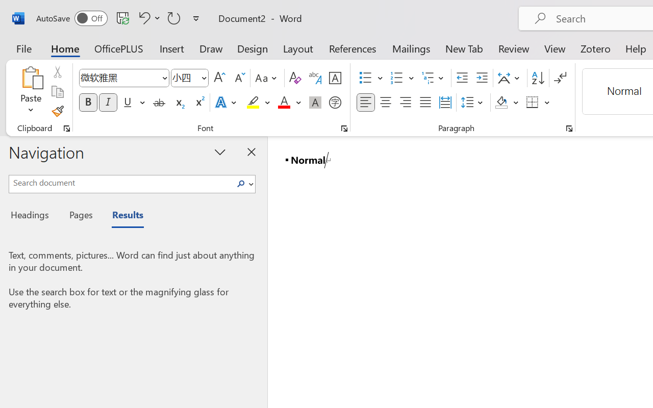 The height and width of the screenshot is (408, 653). Describe the element at coordinates (514, 48) in the screenshot. I see `'Review'` at that location.